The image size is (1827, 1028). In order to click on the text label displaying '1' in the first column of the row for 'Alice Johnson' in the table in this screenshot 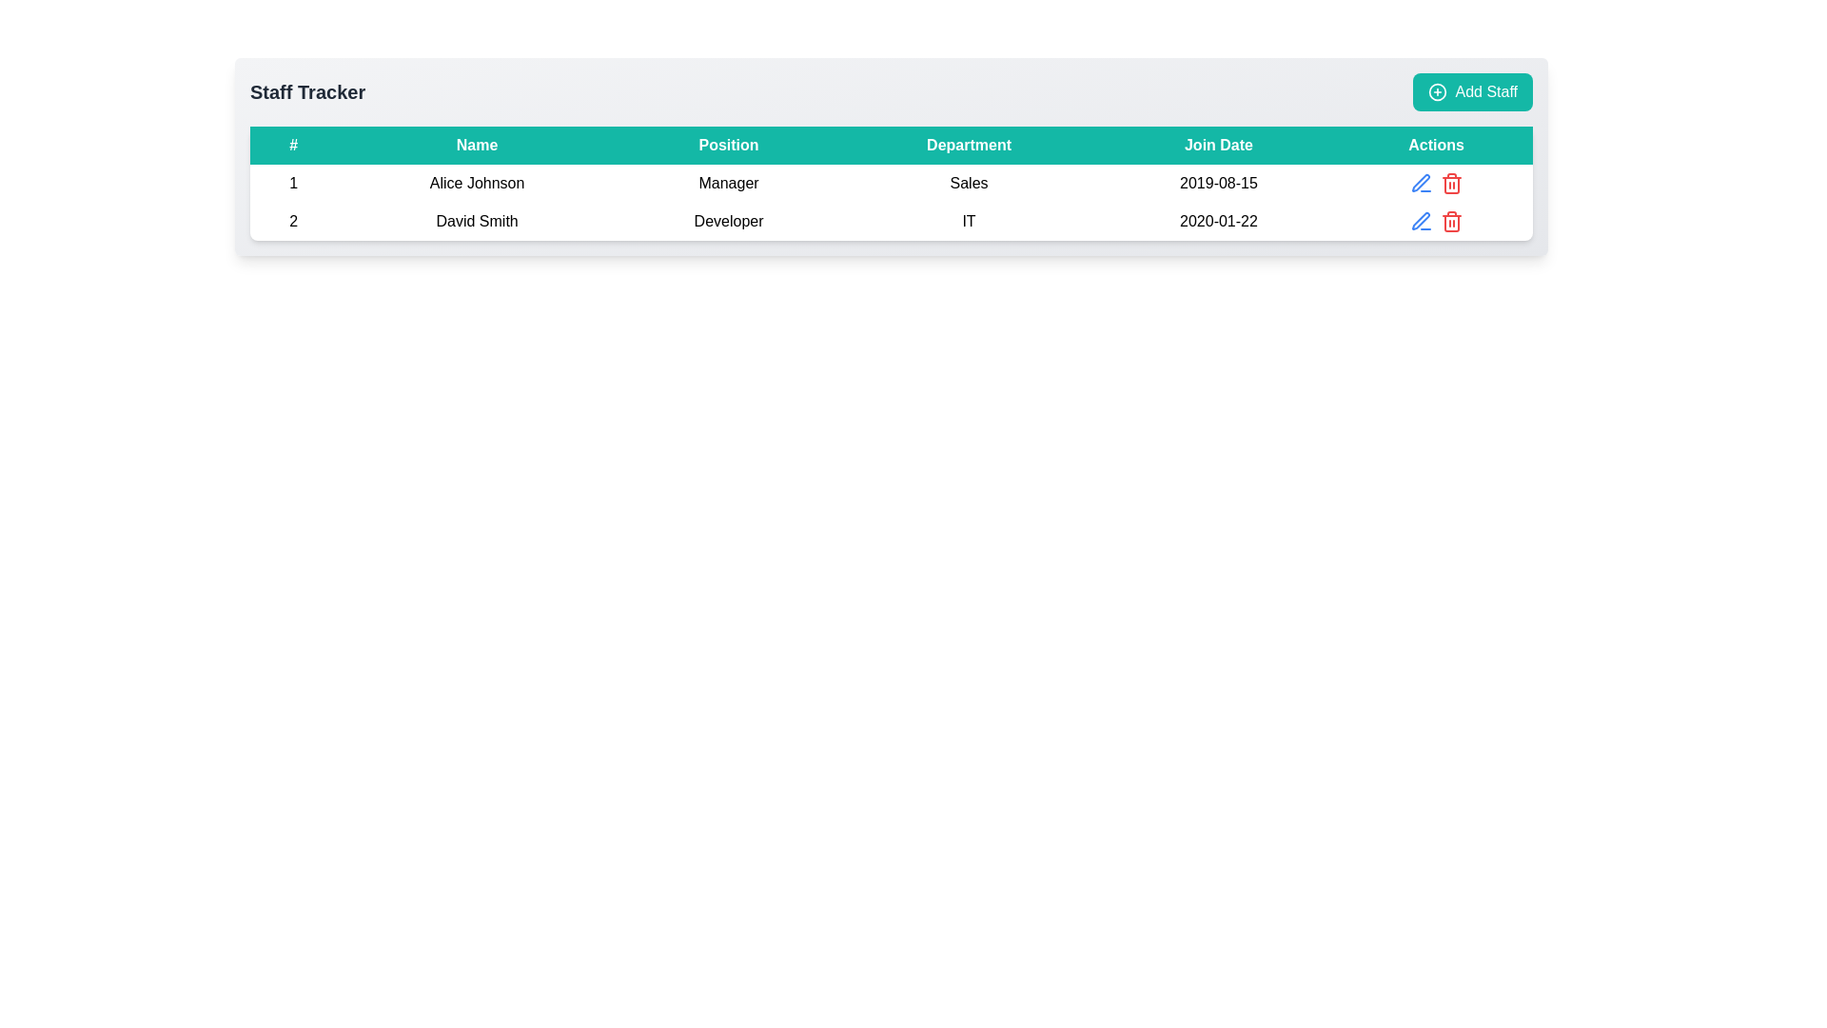, I will do `click(292, 183)`.